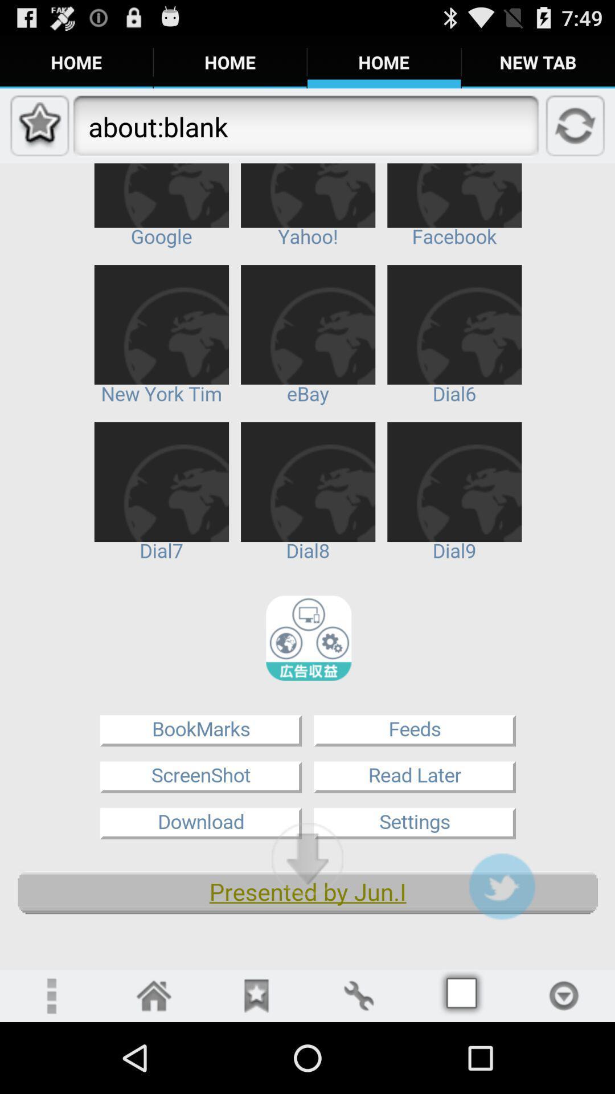  Describe the element at coordinates (256, 995) in the screenshot. I see `favorites` at that location.